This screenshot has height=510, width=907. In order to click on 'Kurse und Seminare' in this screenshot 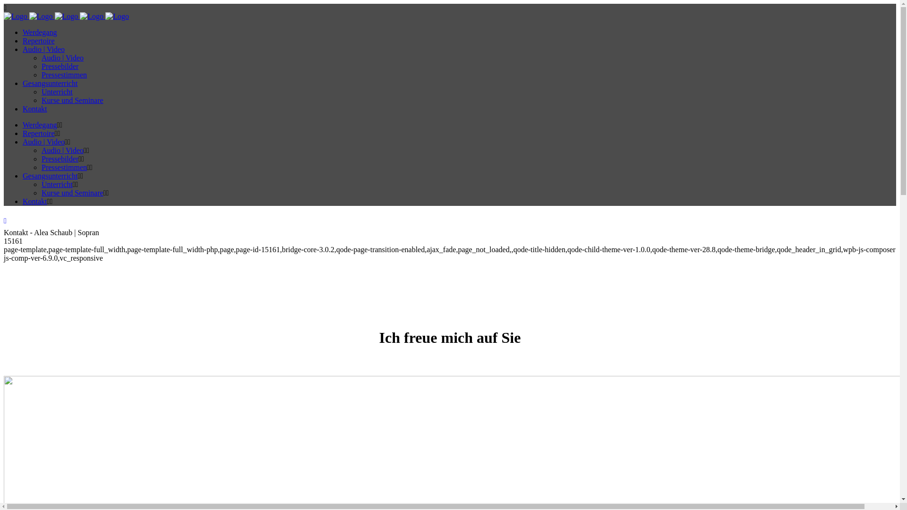, I will do `click(41, 100)`.